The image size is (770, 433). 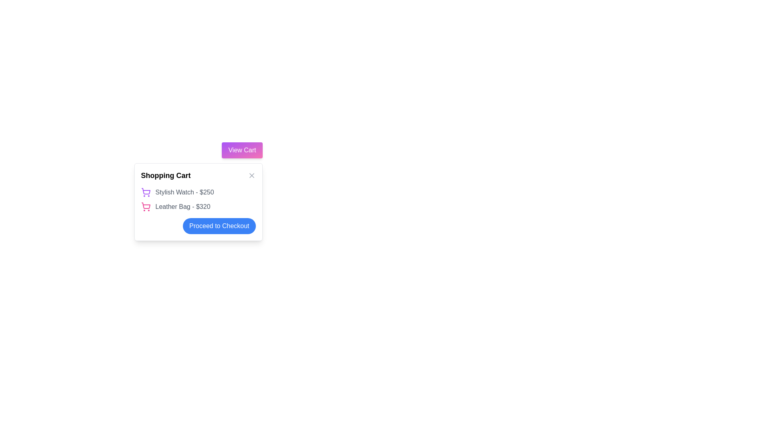 What do you see at coordinates (198, 206) in the screenshot?
I see `the text-based list item displaying 'Leather Bag - $320' in the Shopping Cart section, which is styled in gray and located below the 'Stylish Watch - $250' list item` at bounding box center [198, 206].